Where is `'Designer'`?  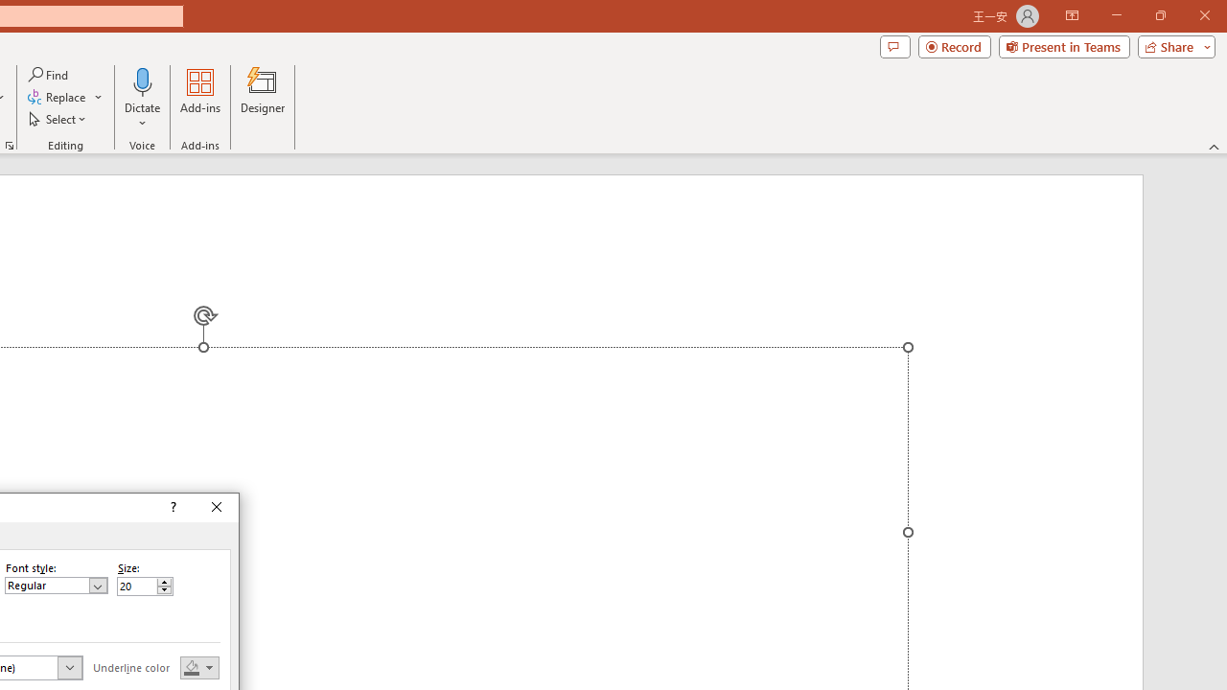 'Designer' is located at coordinates (262, 99).